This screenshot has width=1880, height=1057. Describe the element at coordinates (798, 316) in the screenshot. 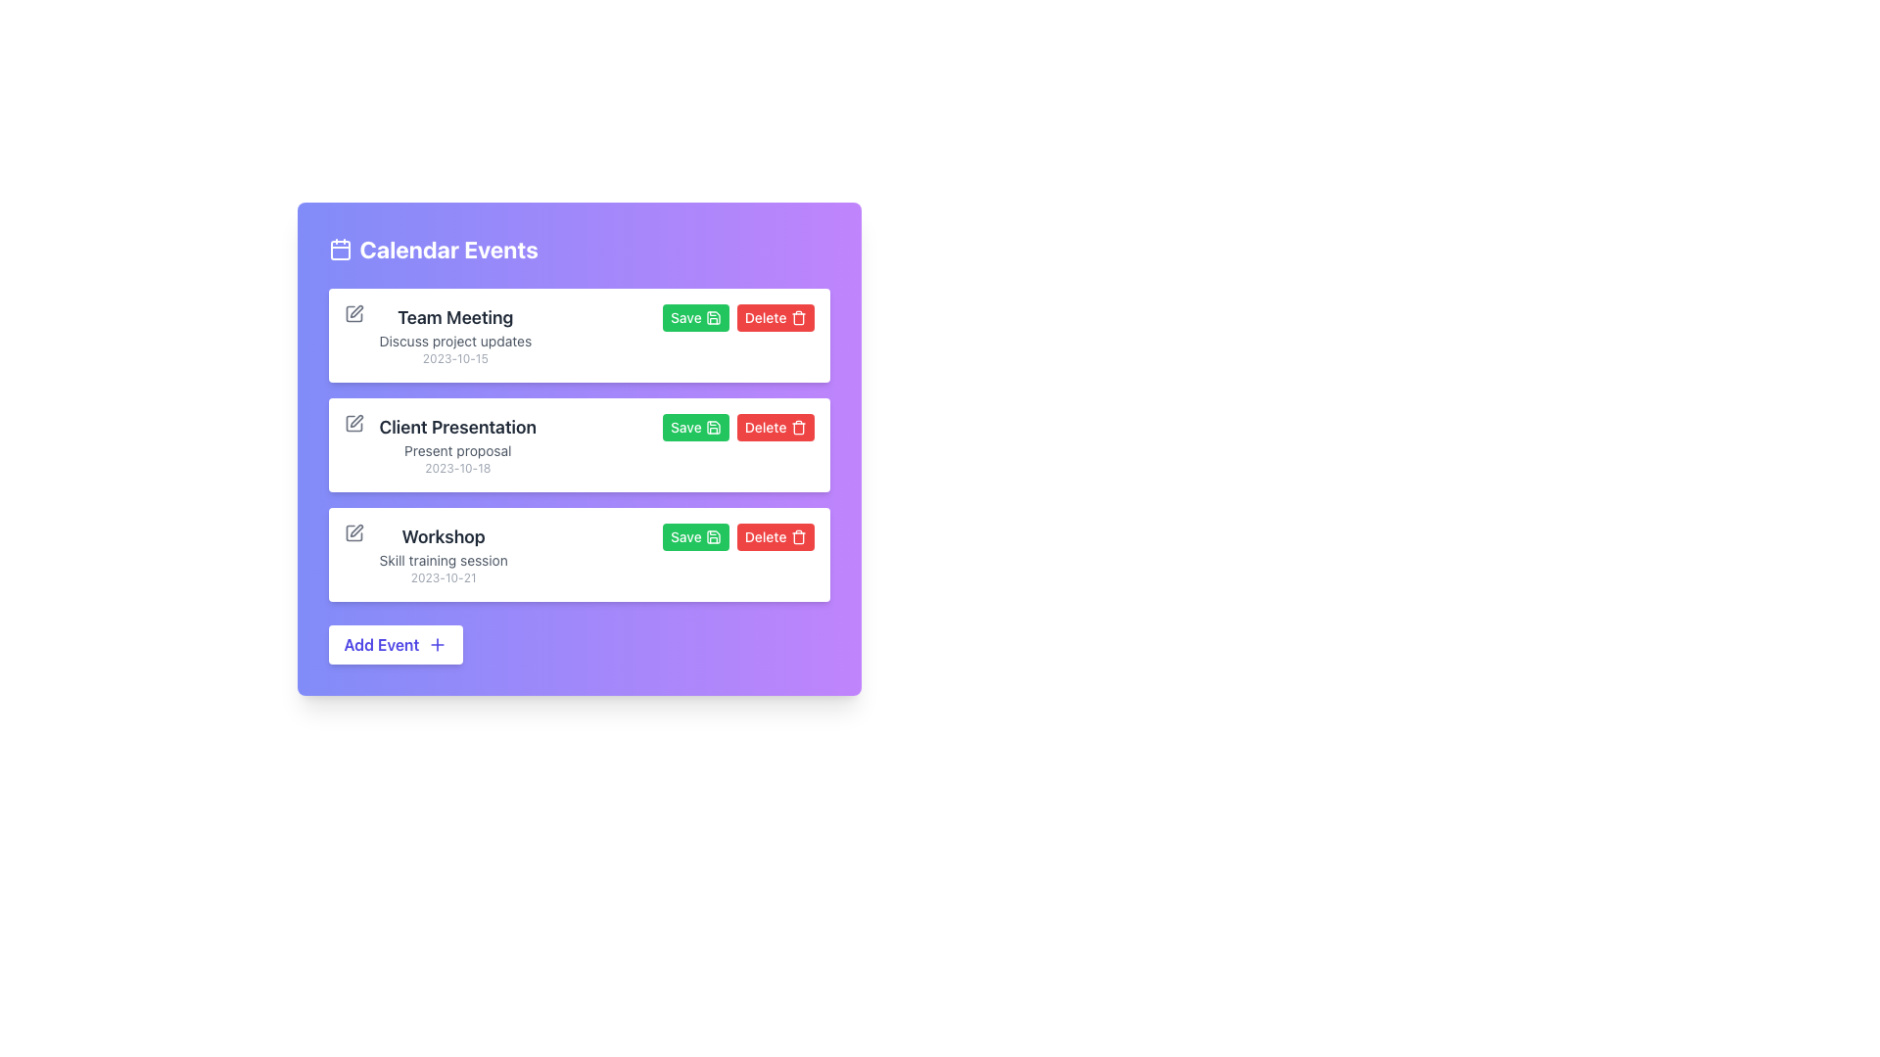

I see `the trash can icon` at that location.